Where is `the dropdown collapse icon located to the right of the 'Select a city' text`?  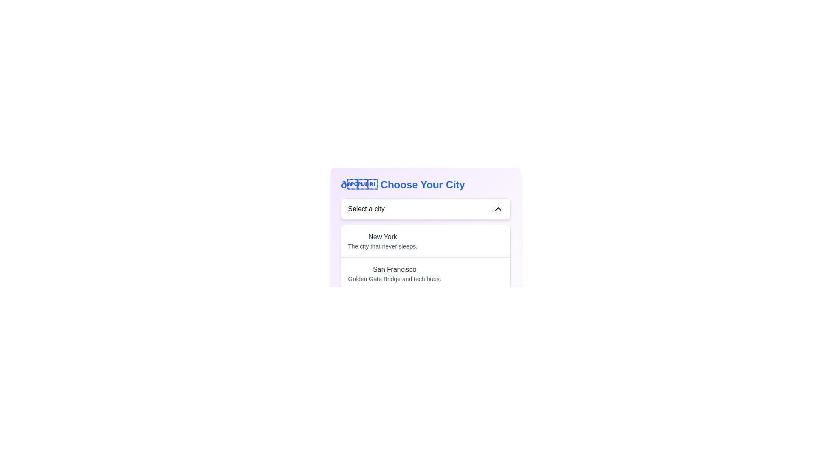 the dropdown collapse icon located to the right of the 'Select a city' text is located at coordinates (498, 209).